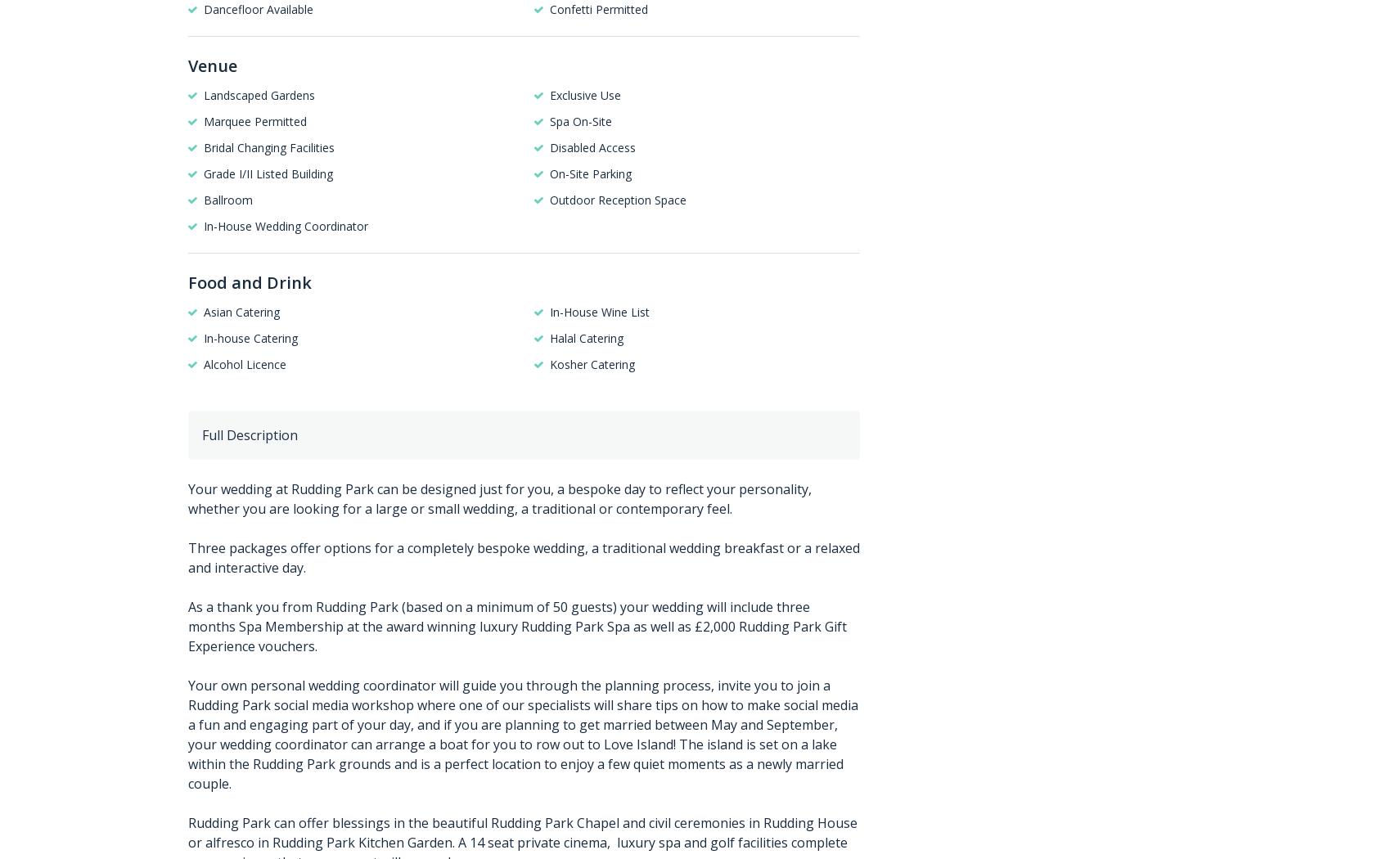 The height and width of the screenshot is (859, 1391). I want to click on 'Halal Catering', so click(586, 337).